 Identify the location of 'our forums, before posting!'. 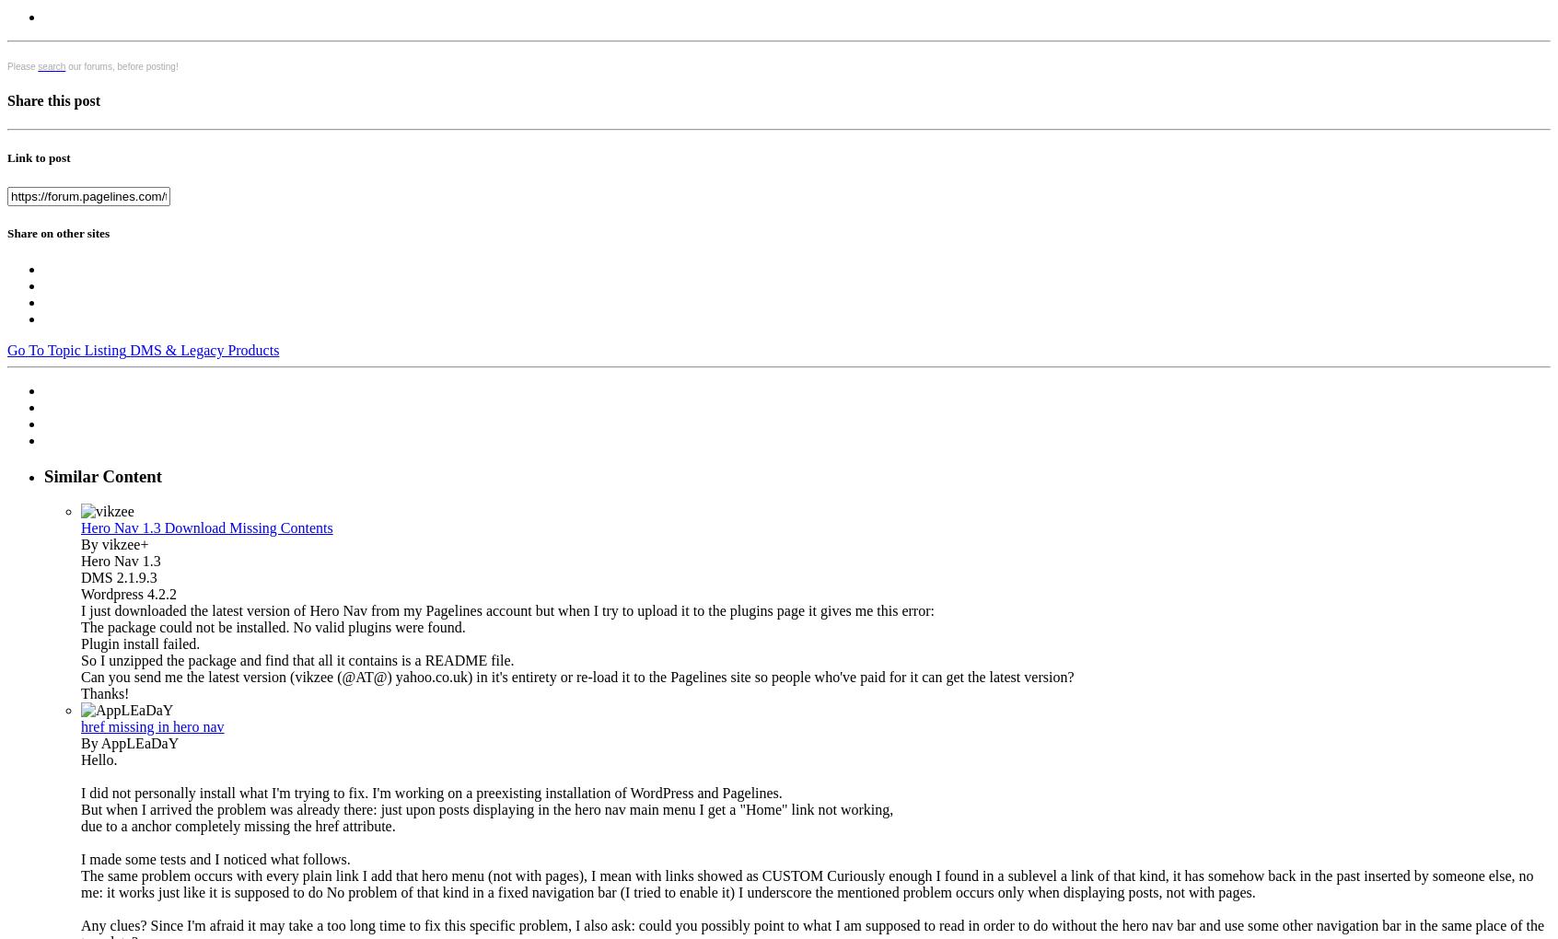
(121, 65).